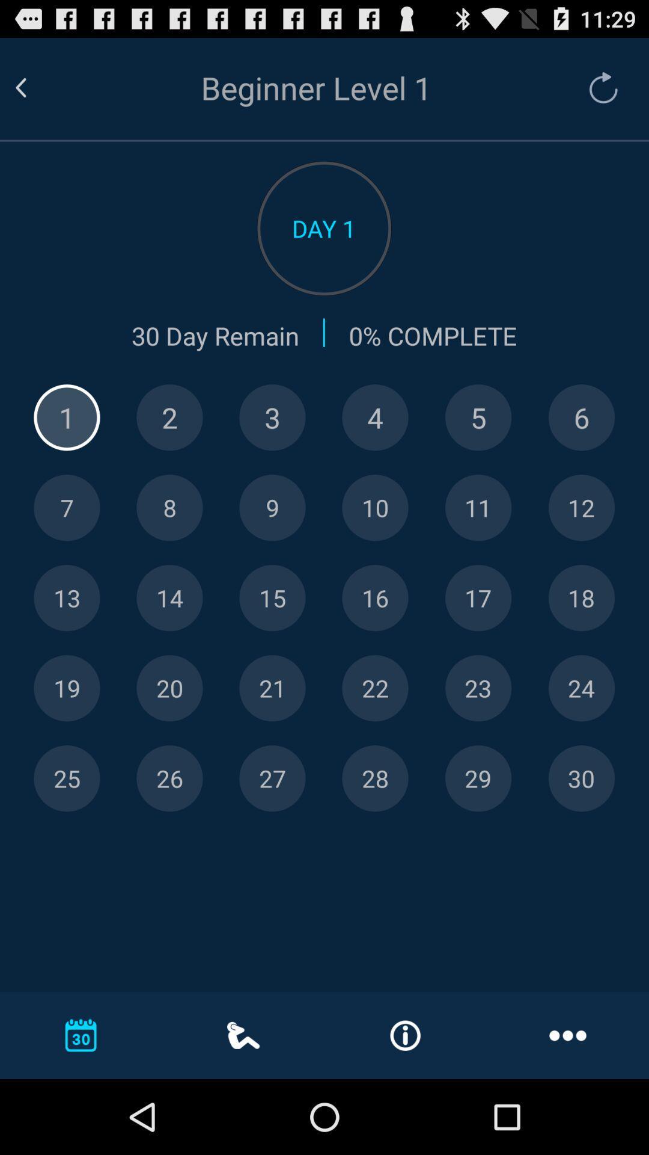 This screenshot has width=649, height=1155. I want to click on keyboard, so click(374, 778).